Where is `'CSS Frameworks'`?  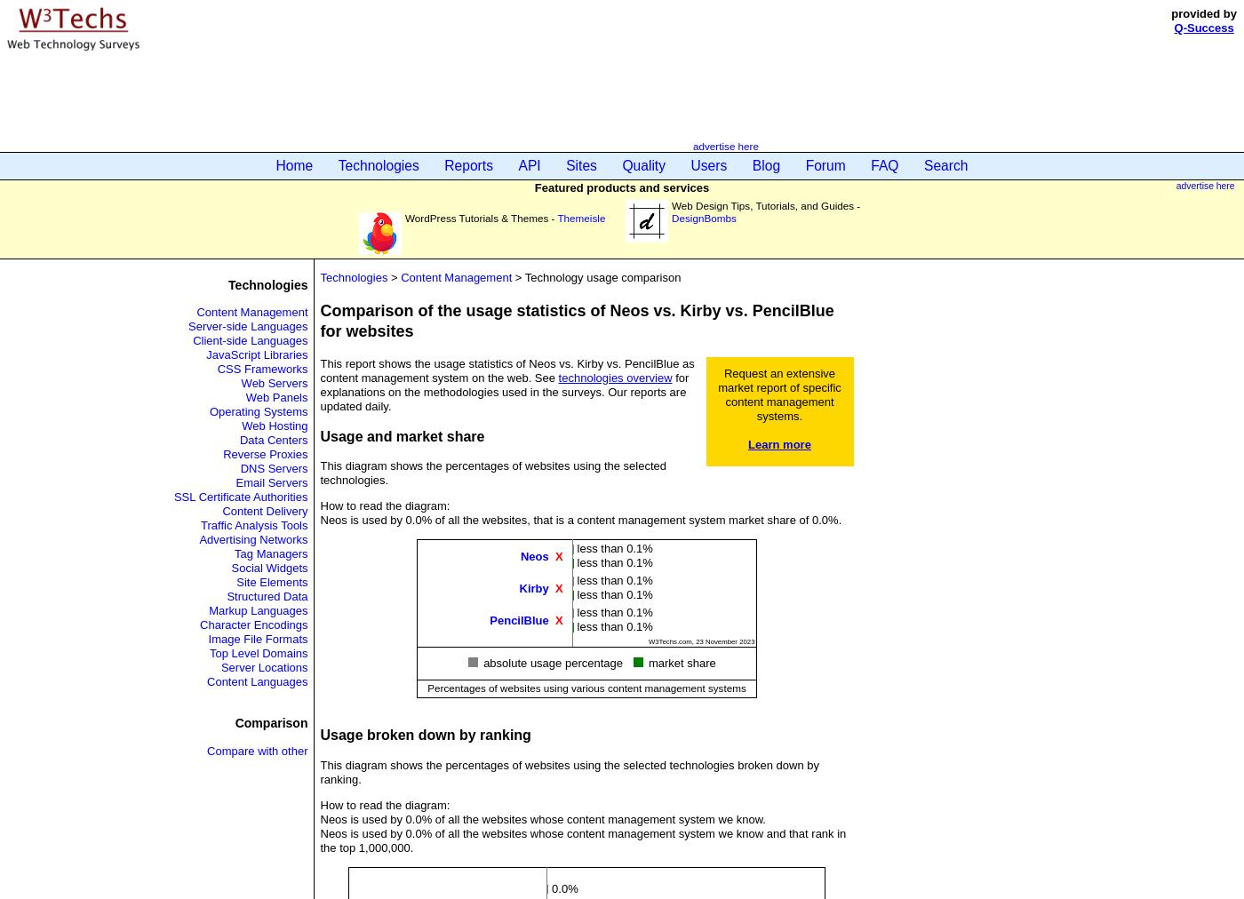
'CSS Frameworks' is located at coordinates (261, 369).